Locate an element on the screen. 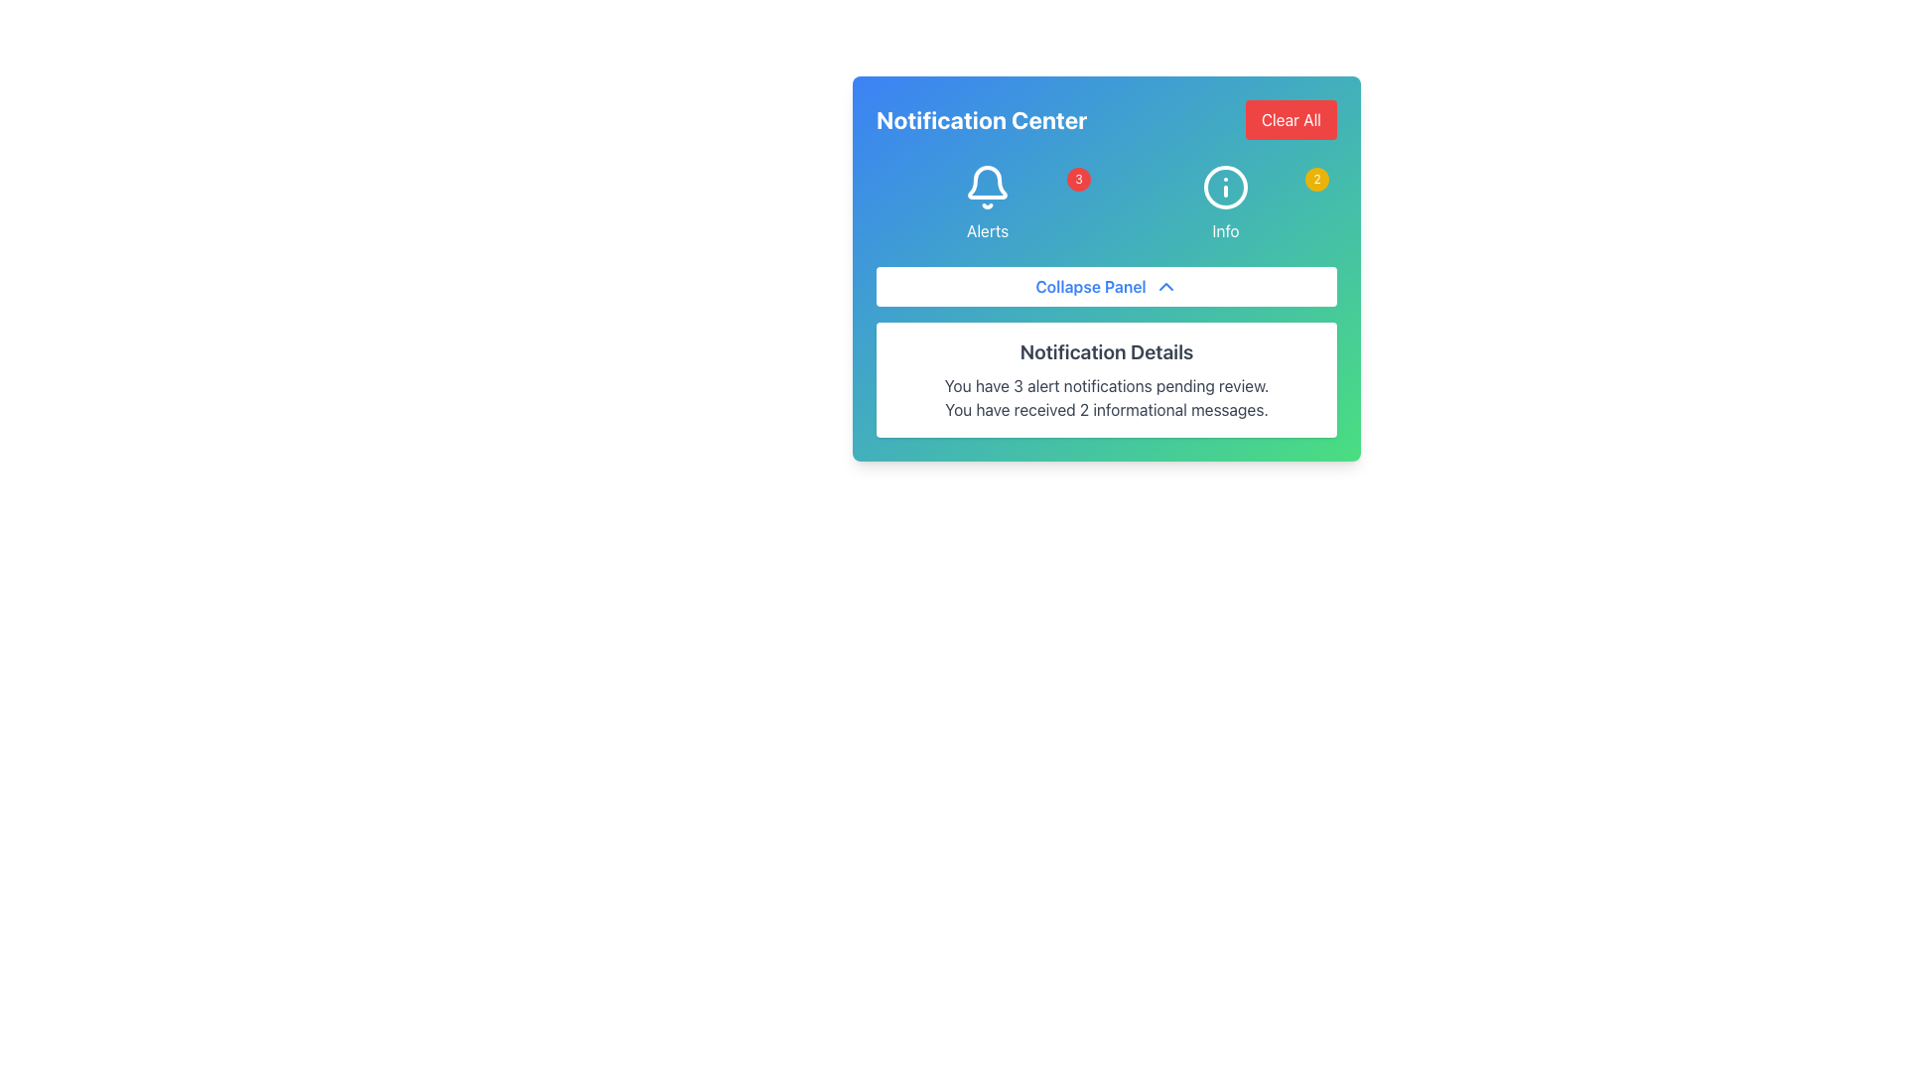 The height and width of the screenshot is (1072, 1906). the Notification Badge, which is a rounded, yellow badge displaying the number '2' in white text, located at the top-right corner of the 'Info' icon is located at coordinates (1316, 180).